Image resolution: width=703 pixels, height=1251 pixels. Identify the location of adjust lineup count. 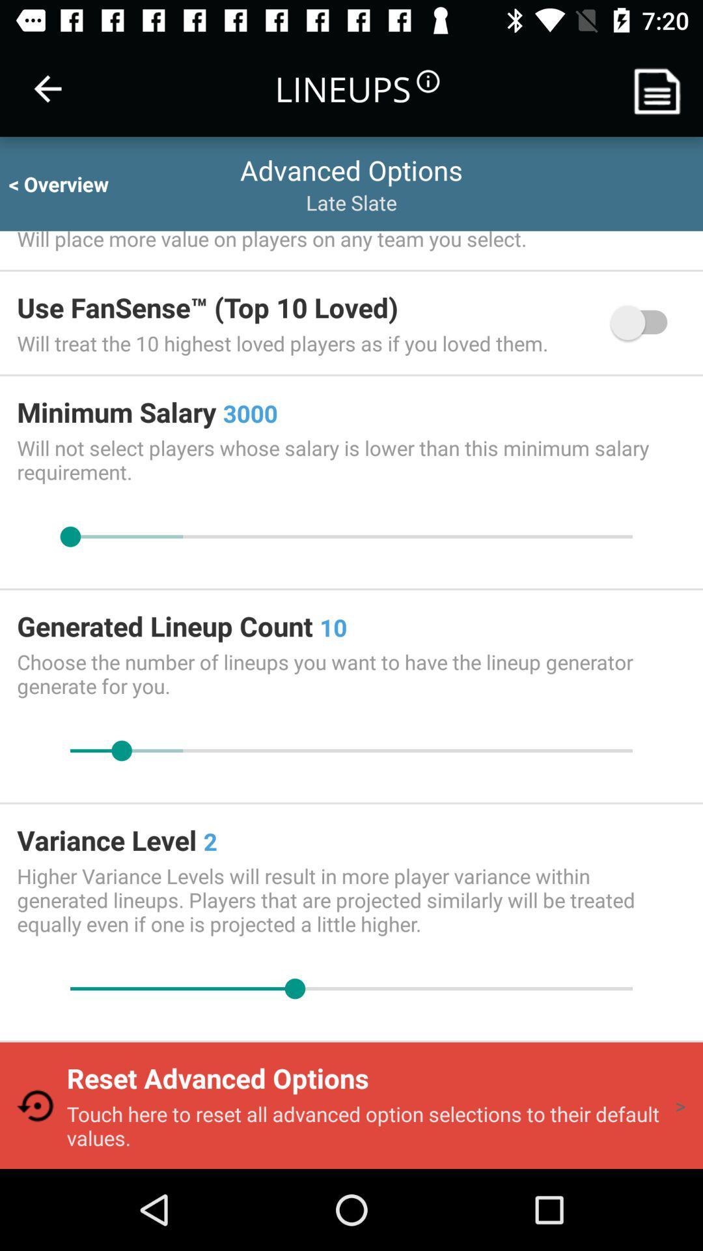
(351, 751).